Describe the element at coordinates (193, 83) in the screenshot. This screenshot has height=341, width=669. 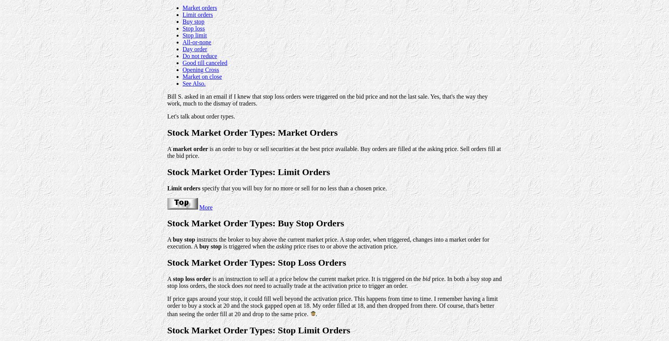
I see `'See Also.'` at that location.